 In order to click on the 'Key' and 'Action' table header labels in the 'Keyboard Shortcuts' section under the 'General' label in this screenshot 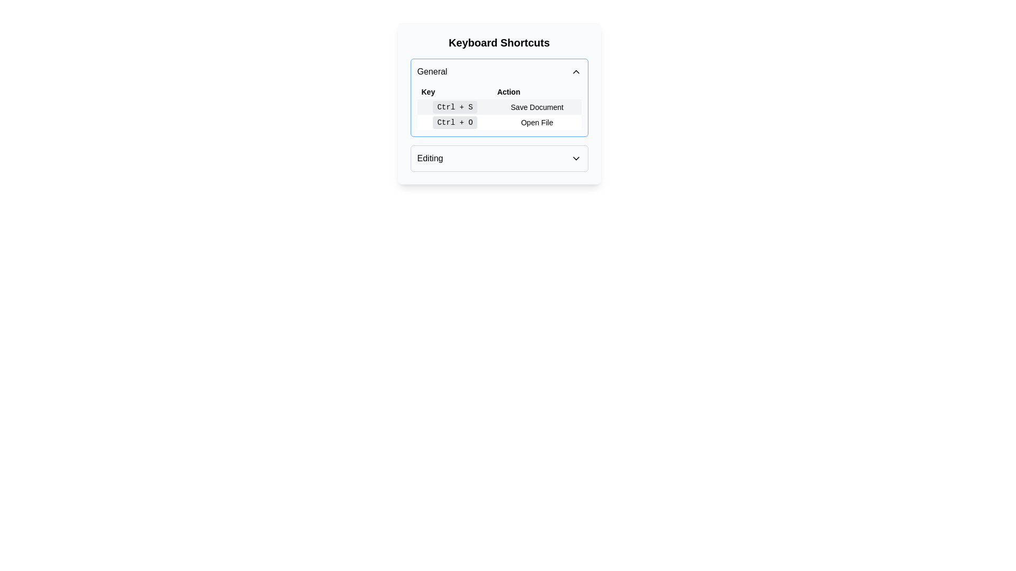, I will do `click(498, 91)`.